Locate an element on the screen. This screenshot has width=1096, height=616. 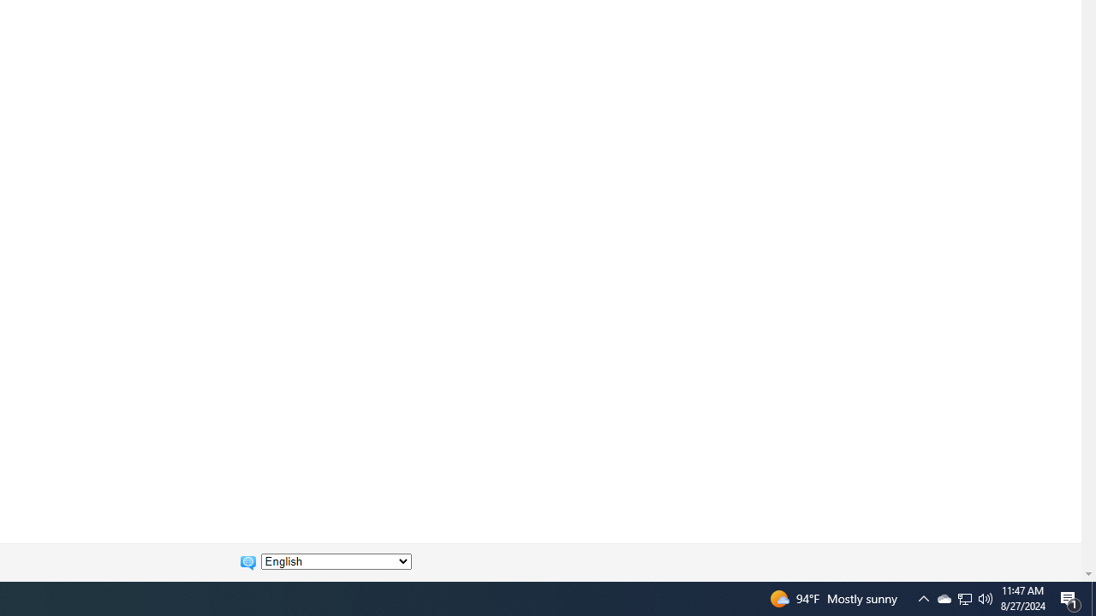
'Change language:' is located at coordinates (336, 561).